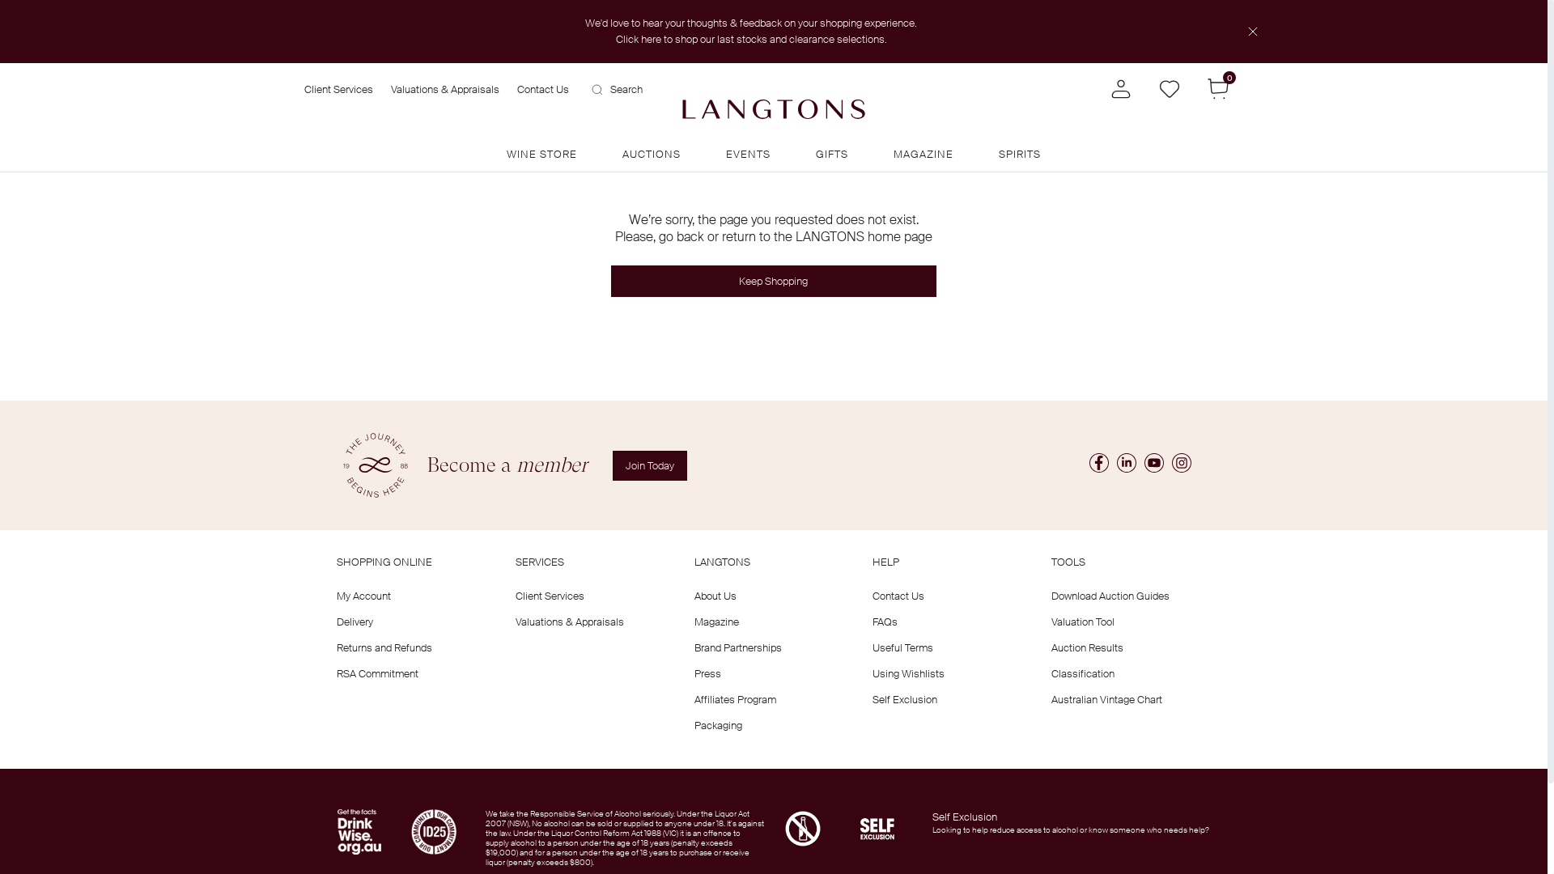  Describe the element at coordinates (908, 673) in the screenshot. I see `'Using Wishlists'` at that location.